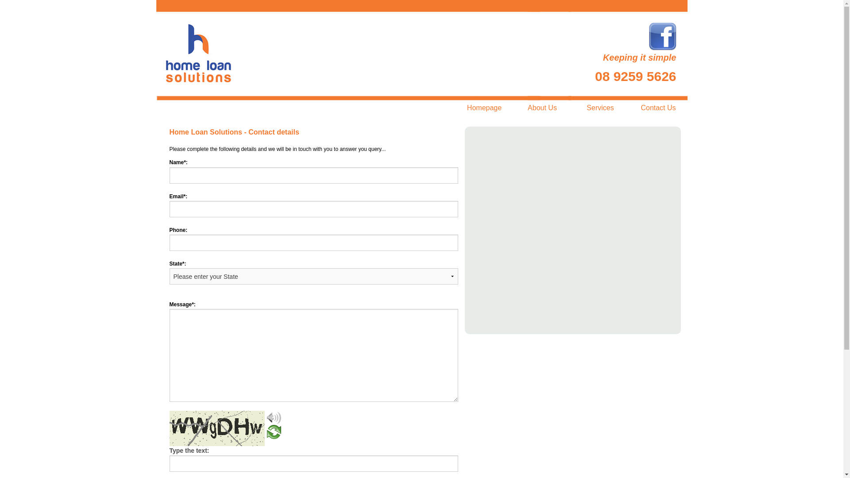 The width and height of the screenshot is (850, 478). Describe the element at coordinates (542, 107) in the screenshot. I see `'About Us'` at that location.